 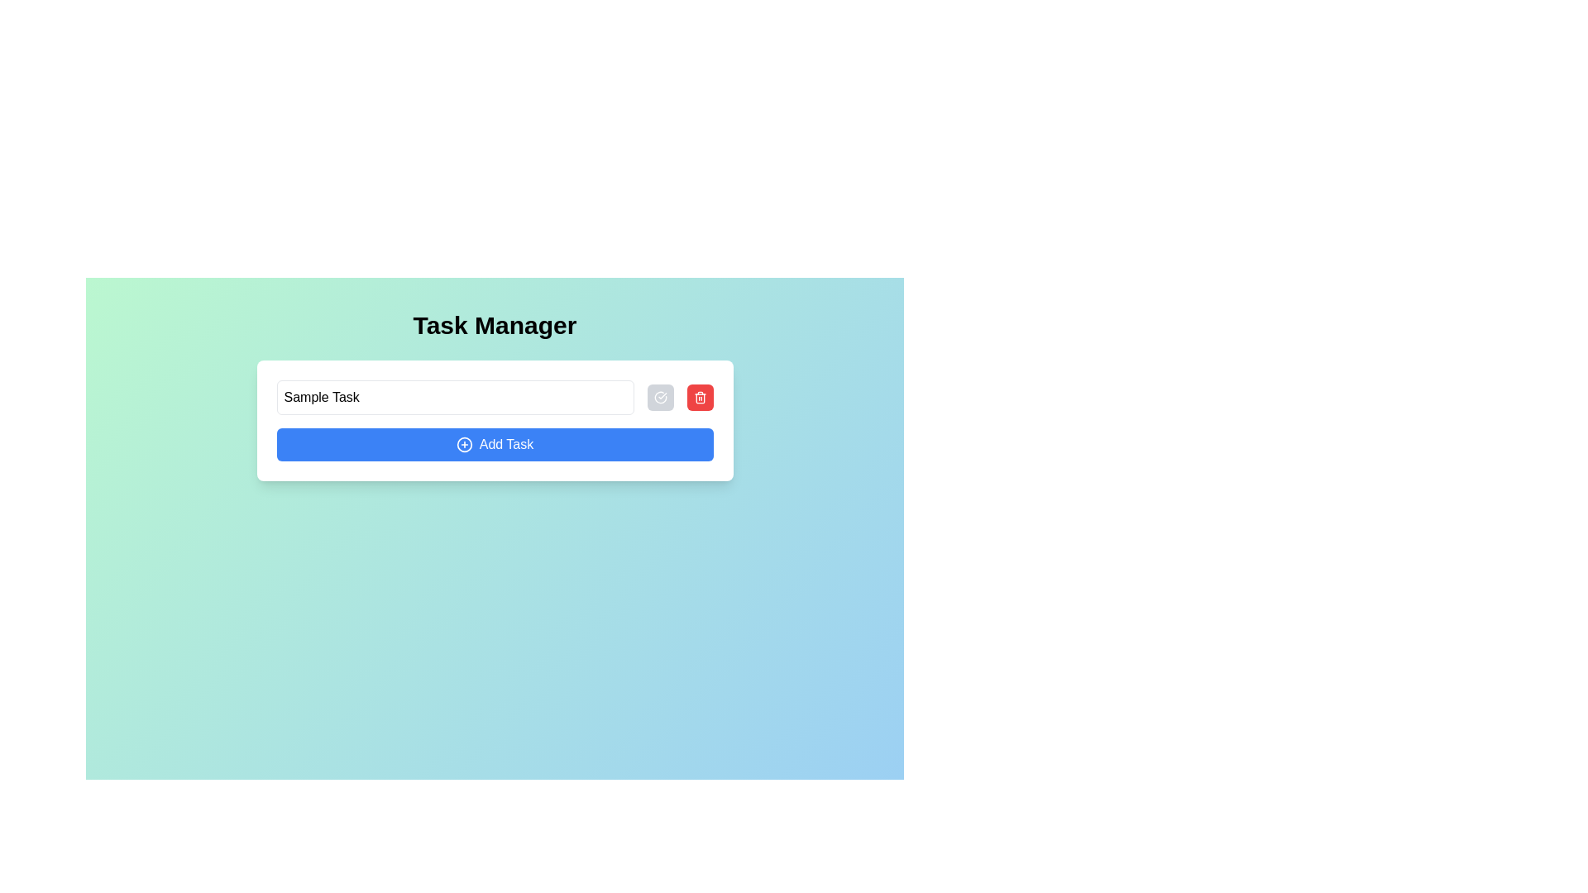 I want to click on the SVG Circle Element which has a blue border and white fill, located at the center of the plus sign icon adjacent to the 'Add Task' button, so click(x=463, y=443).